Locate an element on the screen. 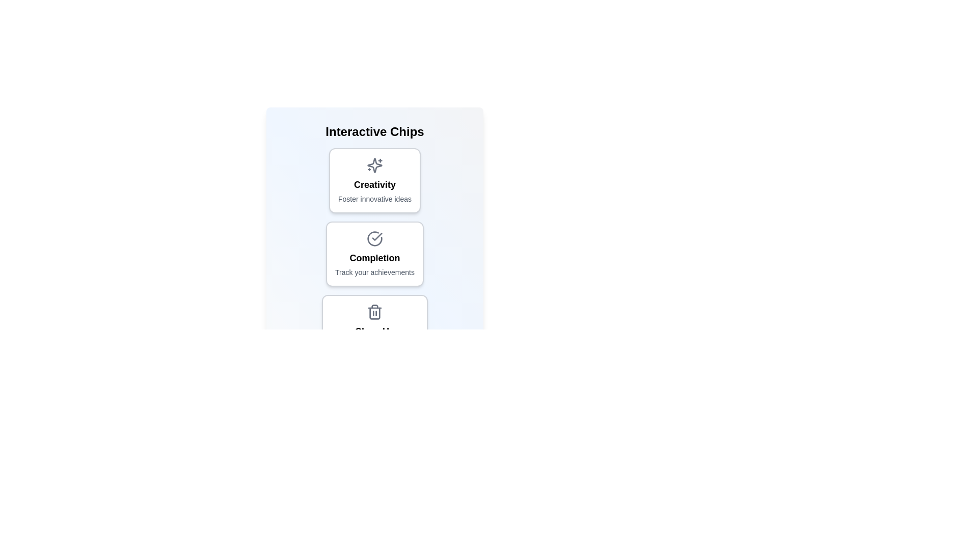 The height and width of the screenshot is (550, 978). the chip labeled Completion is located at coordinates (374, 253).